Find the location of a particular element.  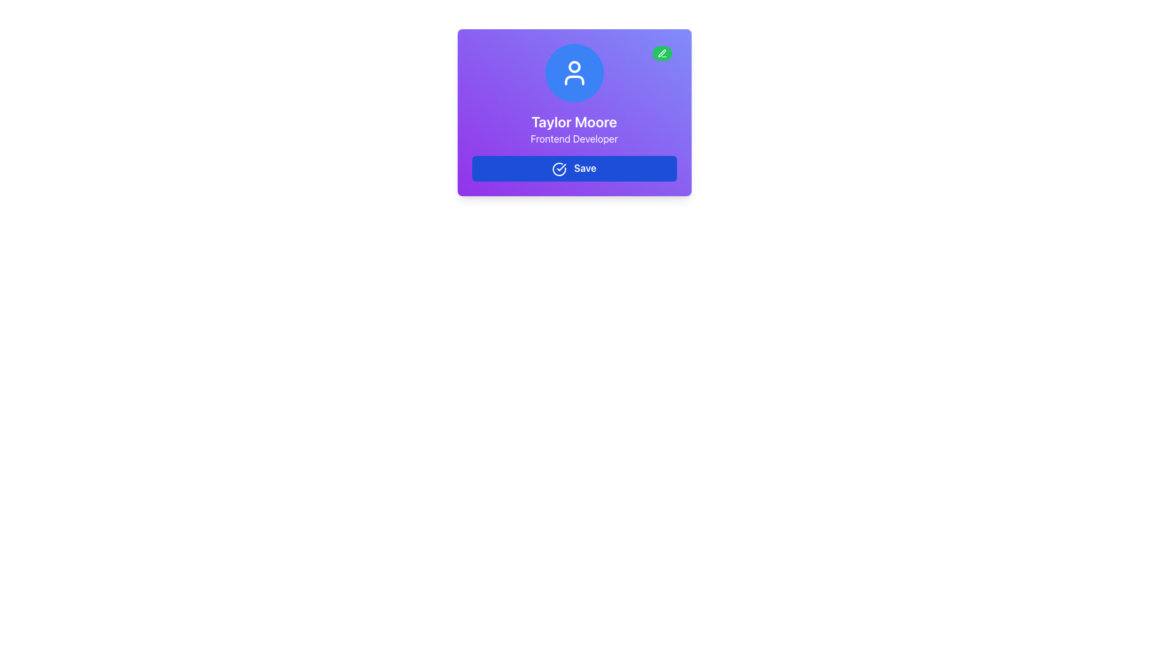

the circular icon within the 'Save' button located slightly left of the center of the button on the card is located at coordinates (559, 169).